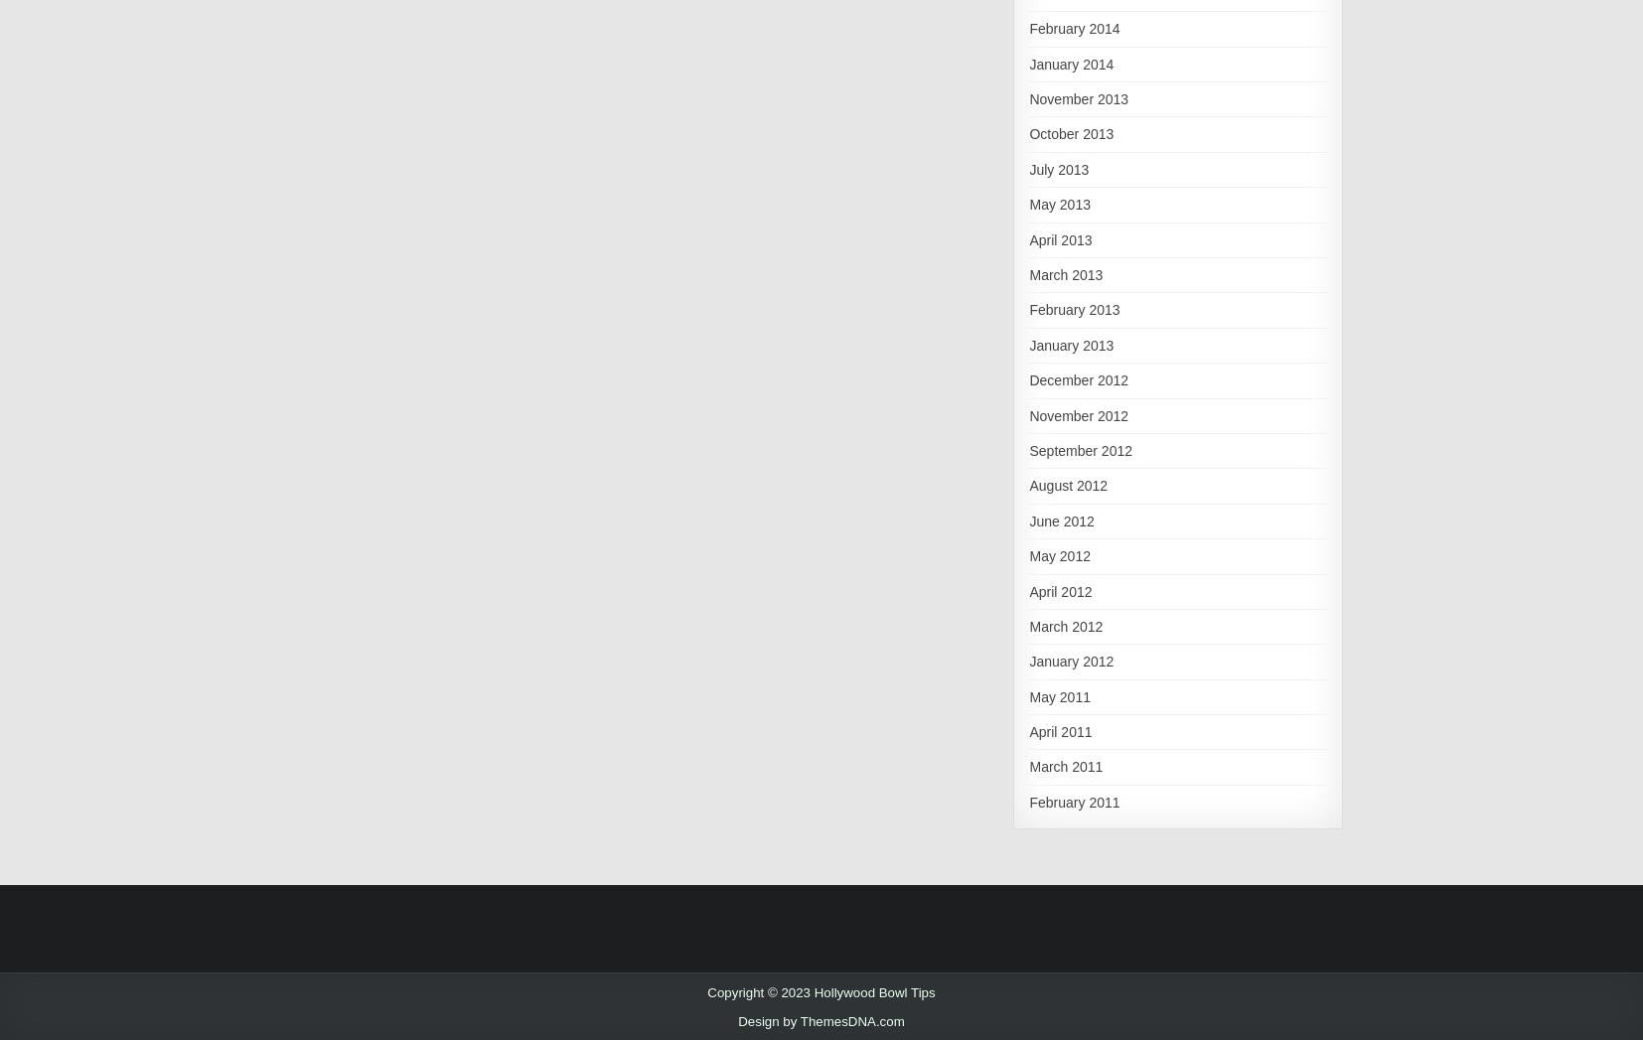 Image resolution: width=1643 pixels, height=1040 pixels. What do you see at coordinates (1073, 28) in the screenshot?
I see `'February 2014'` at bounding box center [1073, 28].